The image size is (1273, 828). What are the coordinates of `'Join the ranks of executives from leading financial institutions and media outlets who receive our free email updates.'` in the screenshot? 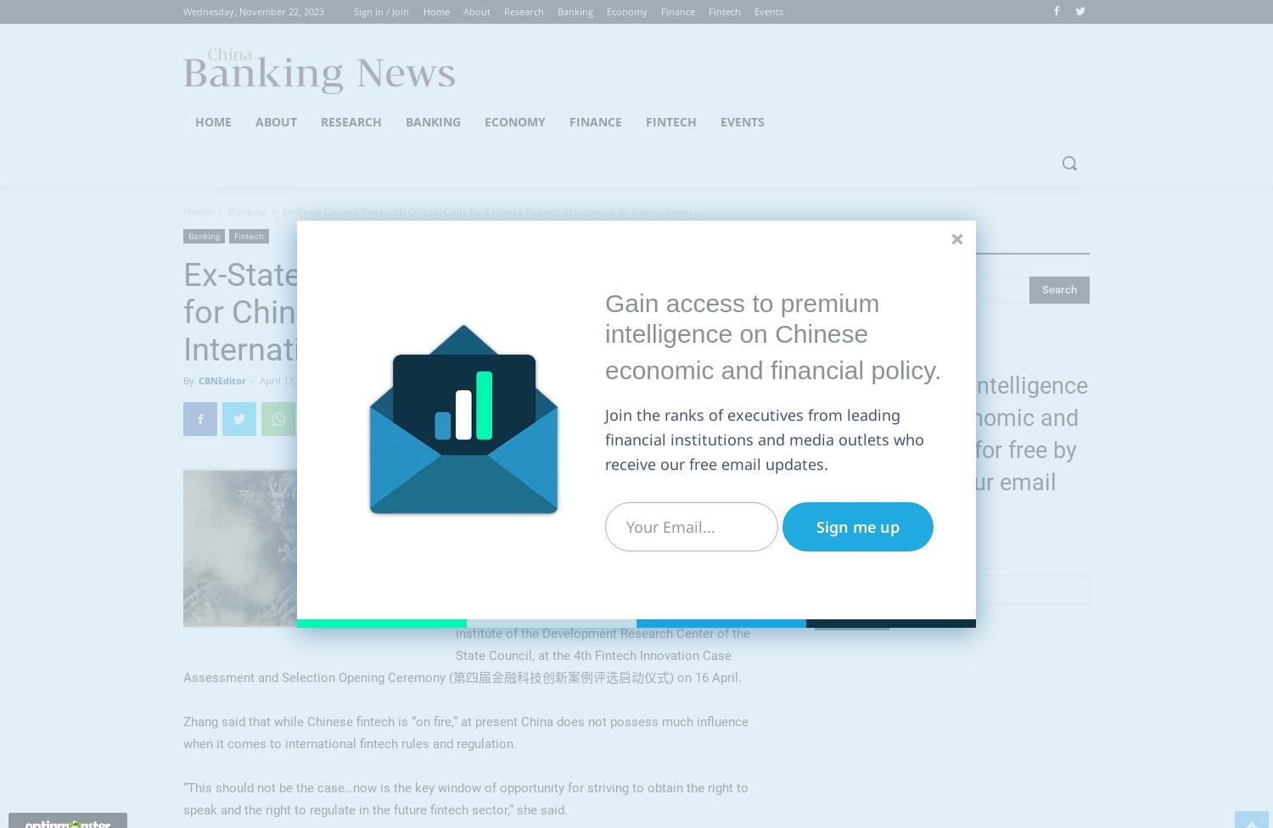 It's located at (765, 439).